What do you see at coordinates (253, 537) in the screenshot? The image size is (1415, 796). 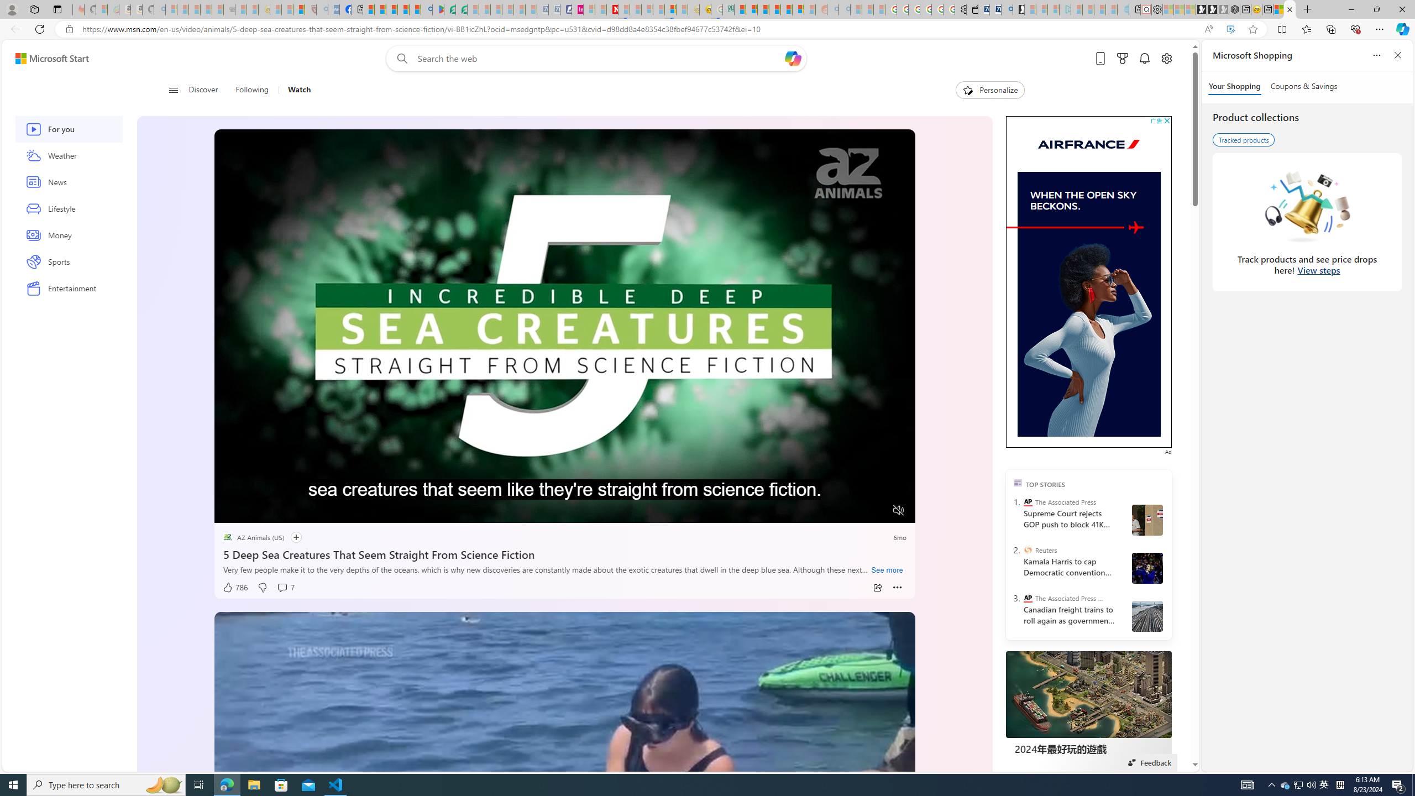 I see `'placeholder AZ Animals (US)'` at bounding box center [253, 537].